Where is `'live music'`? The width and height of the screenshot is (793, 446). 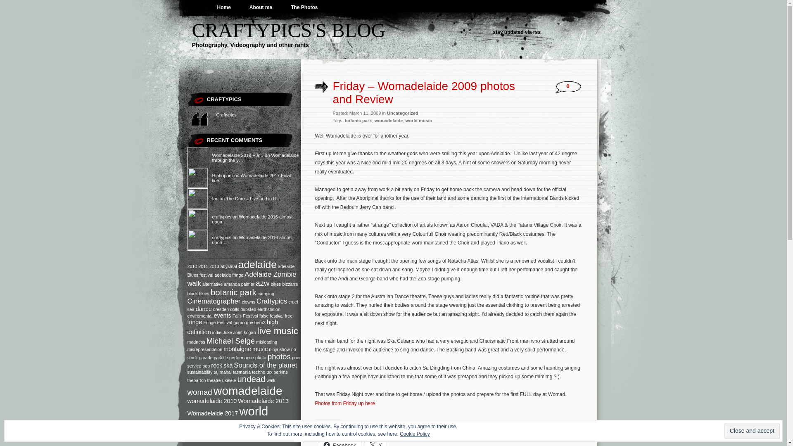
'live music' is located at coordinates (278, 330).